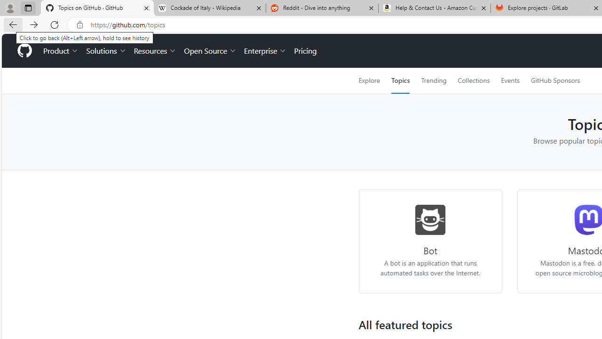 This screenshot has height=339, width=602. I want to click on 'Open Source', so click(209, 51).